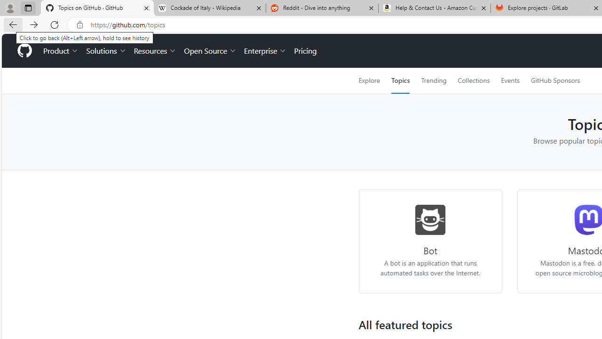 This screenshot has height=339, width=602. I want to click on 'Open Source', so click(209, 51).